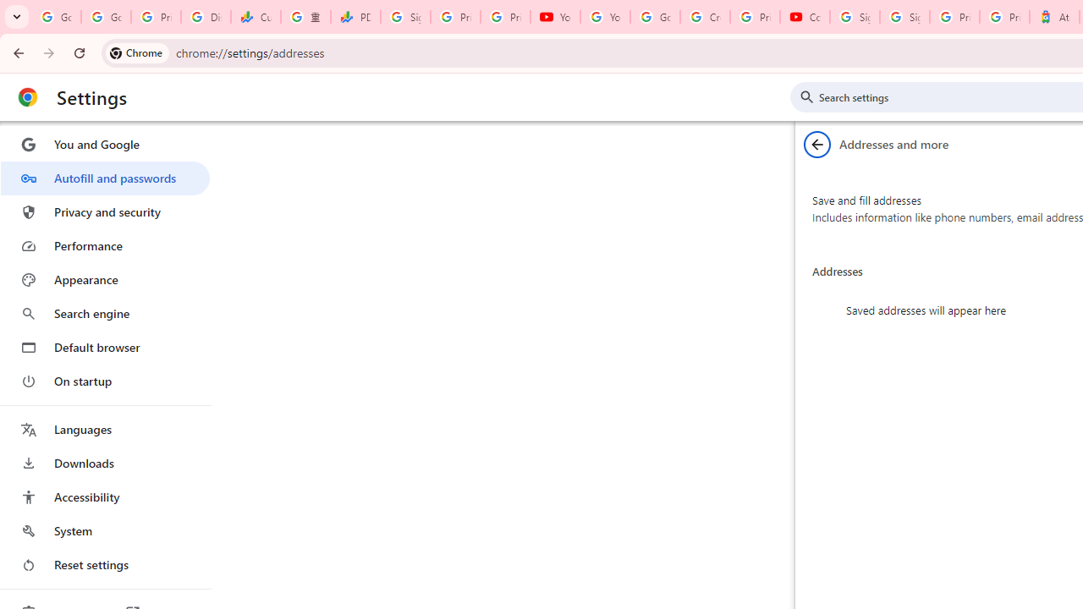 The width and height of the screenshot is (1083, 609). I want to click on 'You and Google', so click(104, 144).